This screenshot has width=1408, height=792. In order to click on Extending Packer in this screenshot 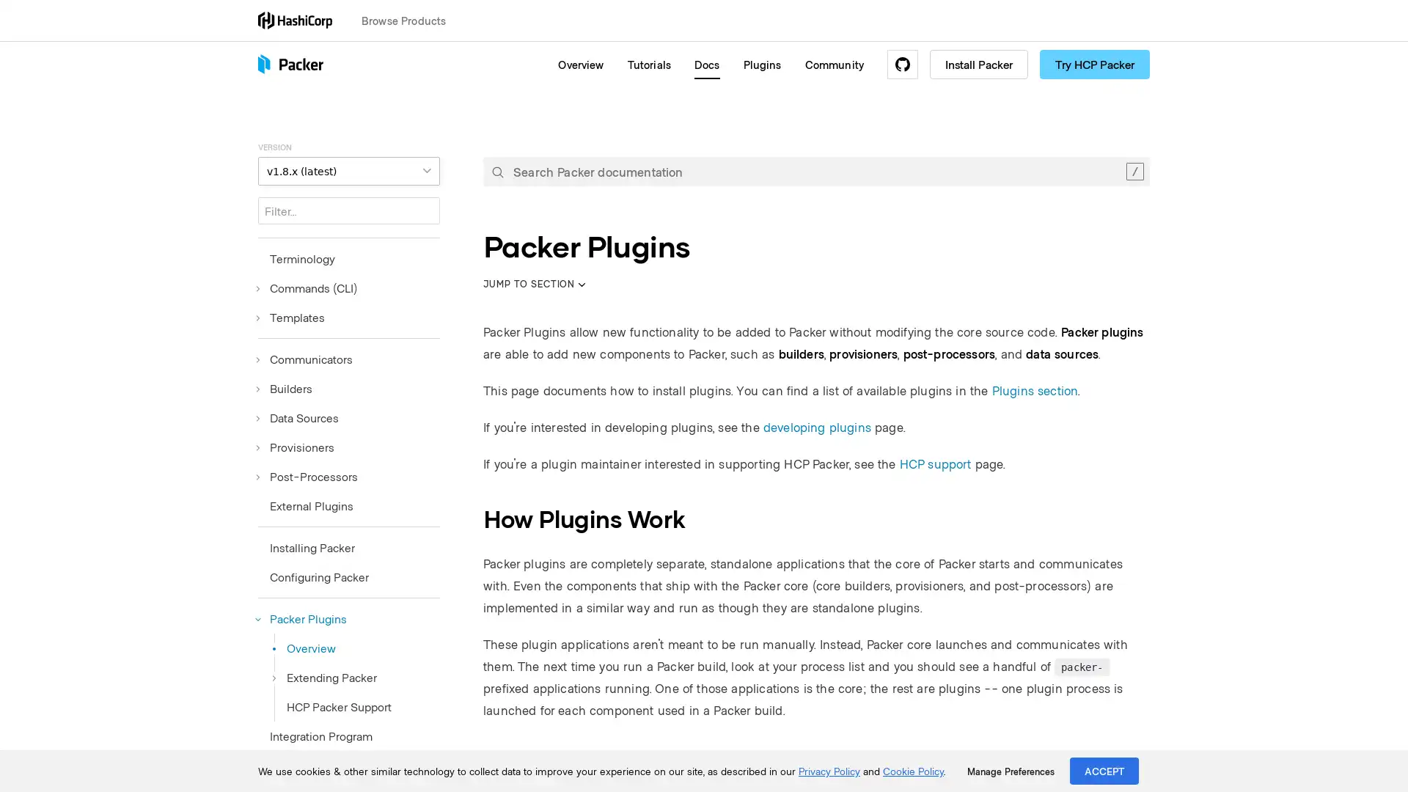, I will do `click(324, 678)`.